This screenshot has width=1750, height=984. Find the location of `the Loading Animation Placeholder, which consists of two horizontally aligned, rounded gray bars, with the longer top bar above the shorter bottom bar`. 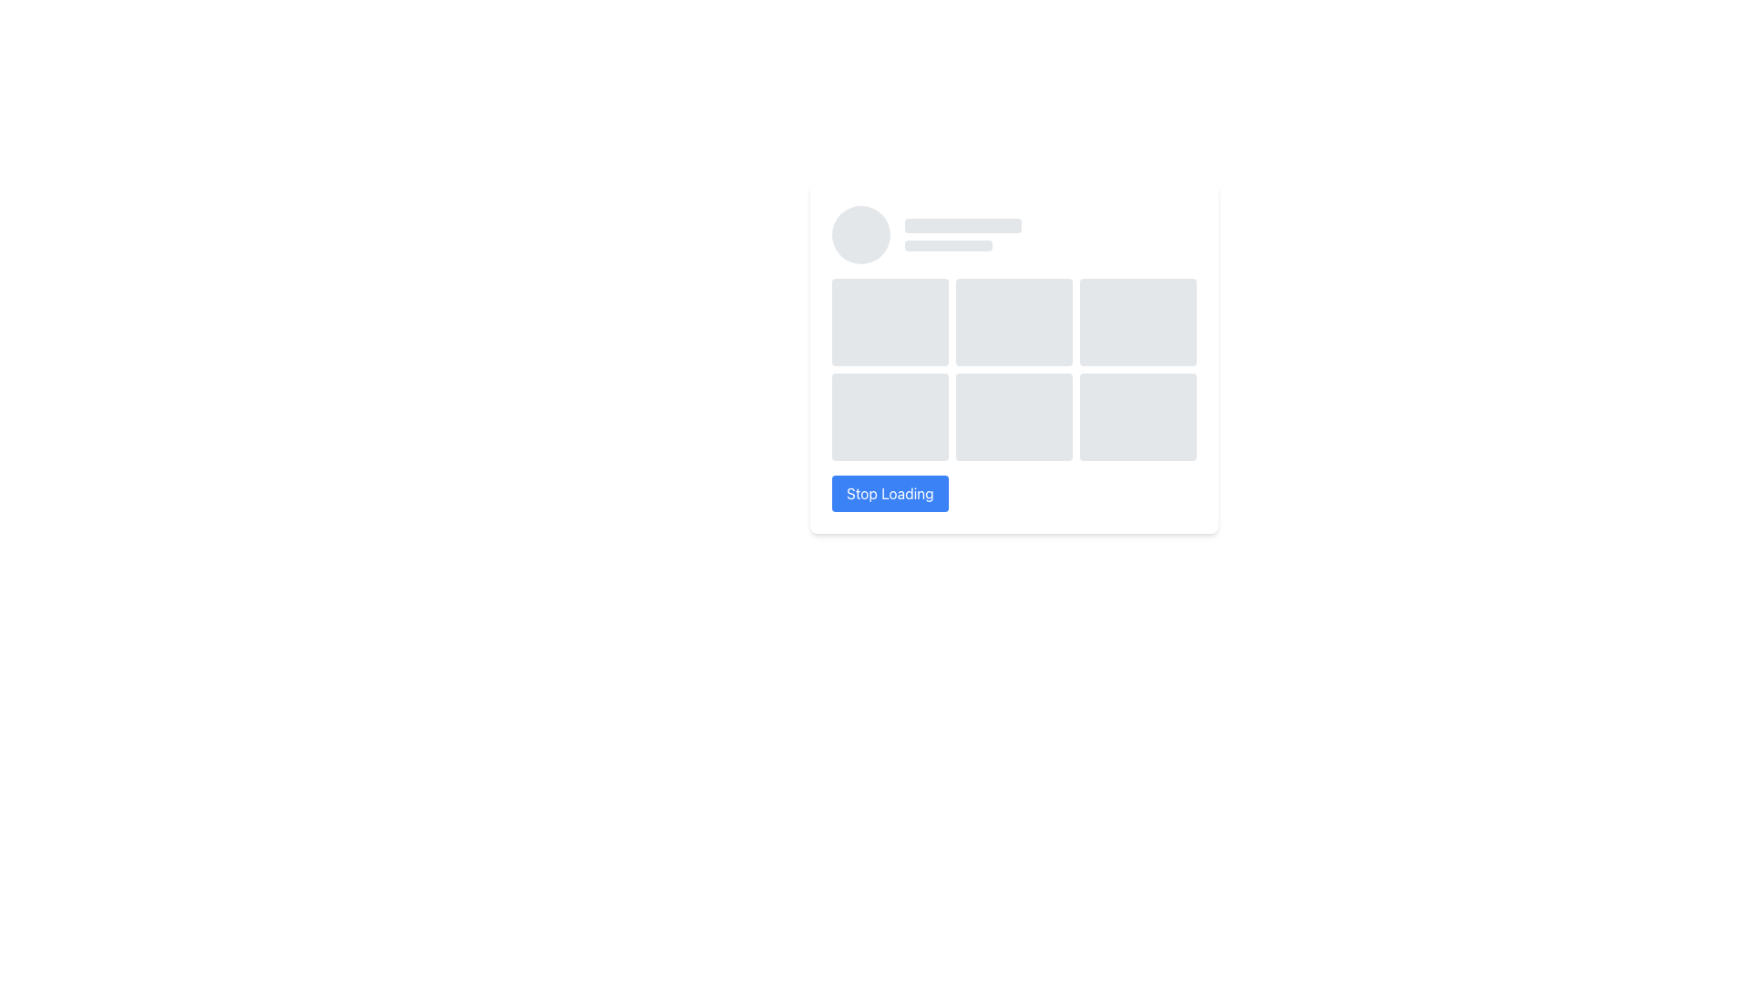

the Loading Animation Placeholder, which consists of two horizontally aligned, rounded gray bars, with the longer top bar above the shorter bottom bar is located at coordinates (962, 234).